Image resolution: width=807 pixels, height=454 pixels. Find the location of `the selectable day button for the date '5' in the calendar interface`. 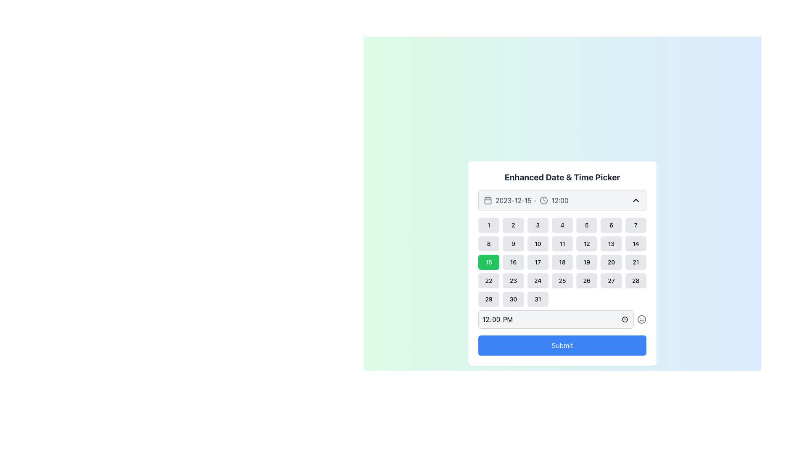

the selectable day button for the date '5' in the calendar interface is located at coordinates (586, 225).